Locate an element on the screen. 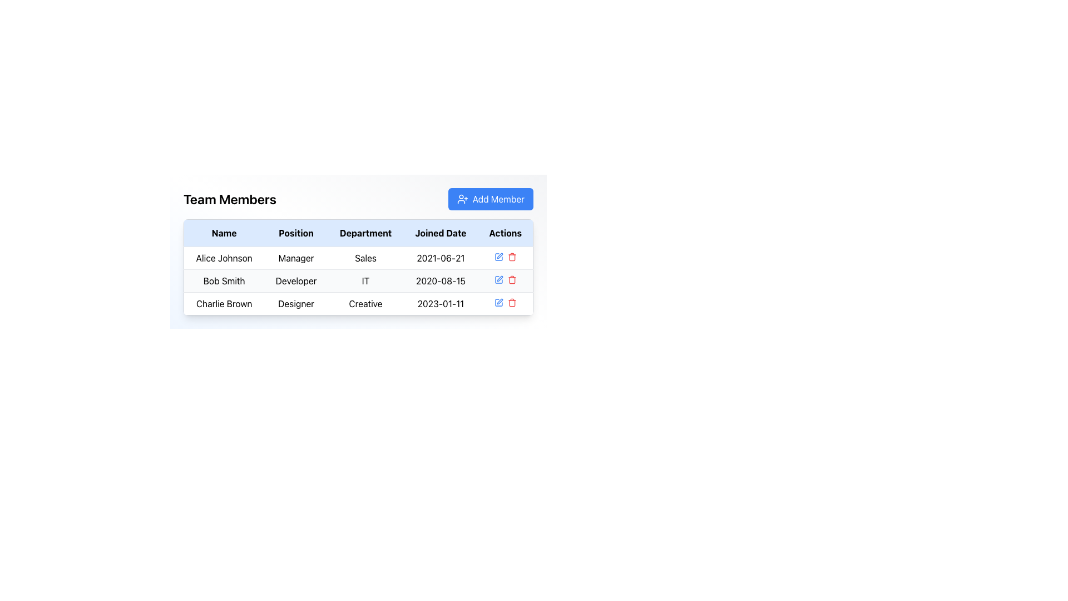 Image resolution: width=1068 pixels, height=601 pixels. the red trash bin icon, which is the rightmost icon in the 'Actions' column associated with the entry 'Alice Johnson, Manager, Sales, 2021-06-21' is located at coordinates (511, 257).